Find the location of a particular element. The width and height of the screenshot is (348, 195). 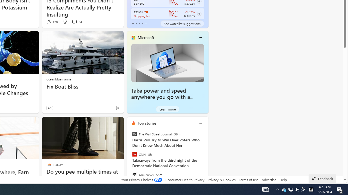

'CNN' is located at coordinates (134, 154).